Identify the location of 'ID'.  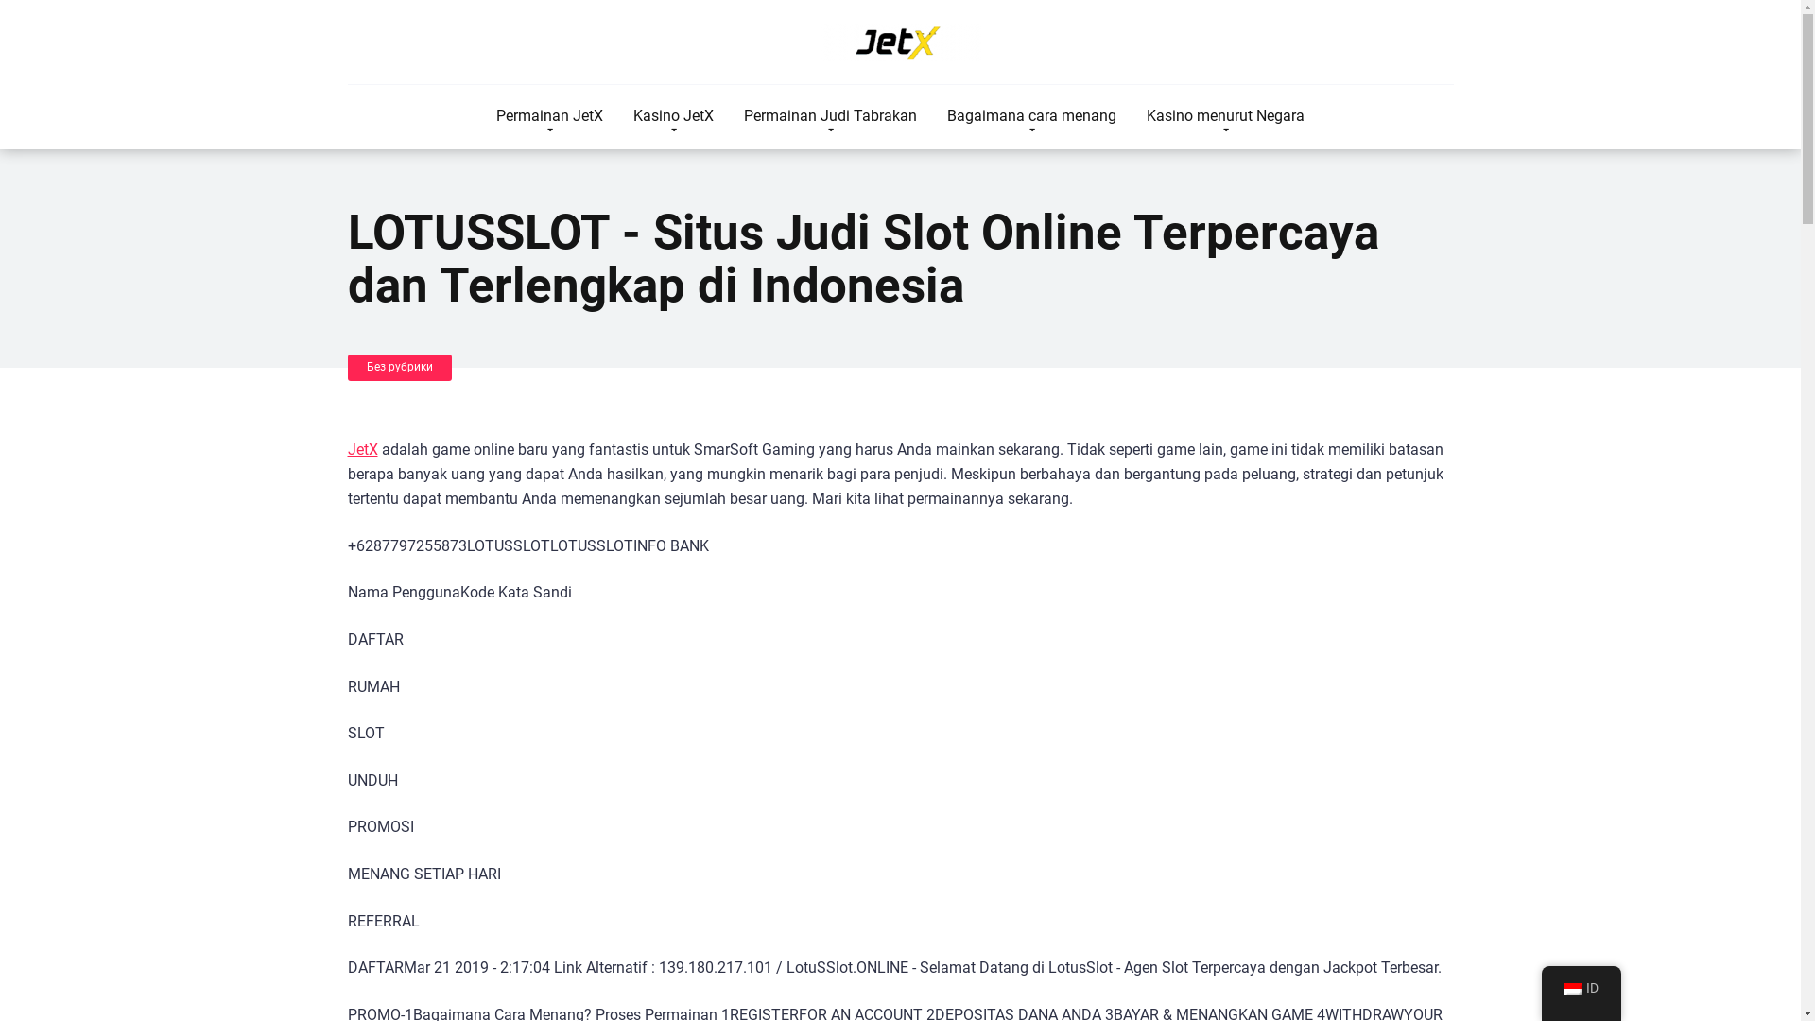
(1580, 987).